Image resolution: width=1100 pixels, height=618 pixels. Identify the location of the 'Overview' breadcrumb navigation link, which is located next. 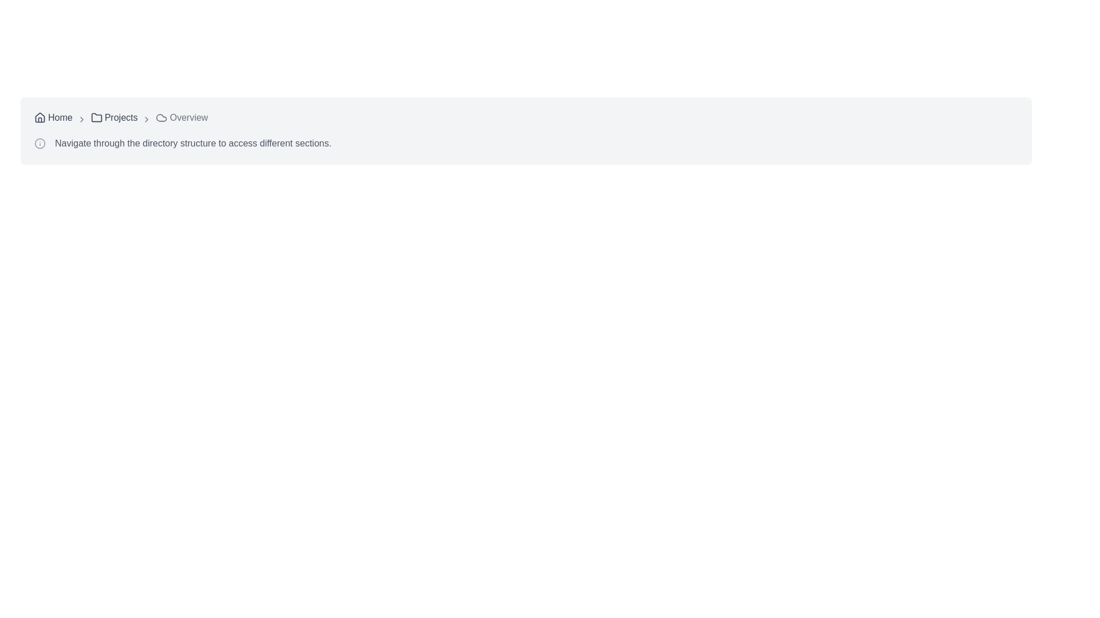
(181, 117).